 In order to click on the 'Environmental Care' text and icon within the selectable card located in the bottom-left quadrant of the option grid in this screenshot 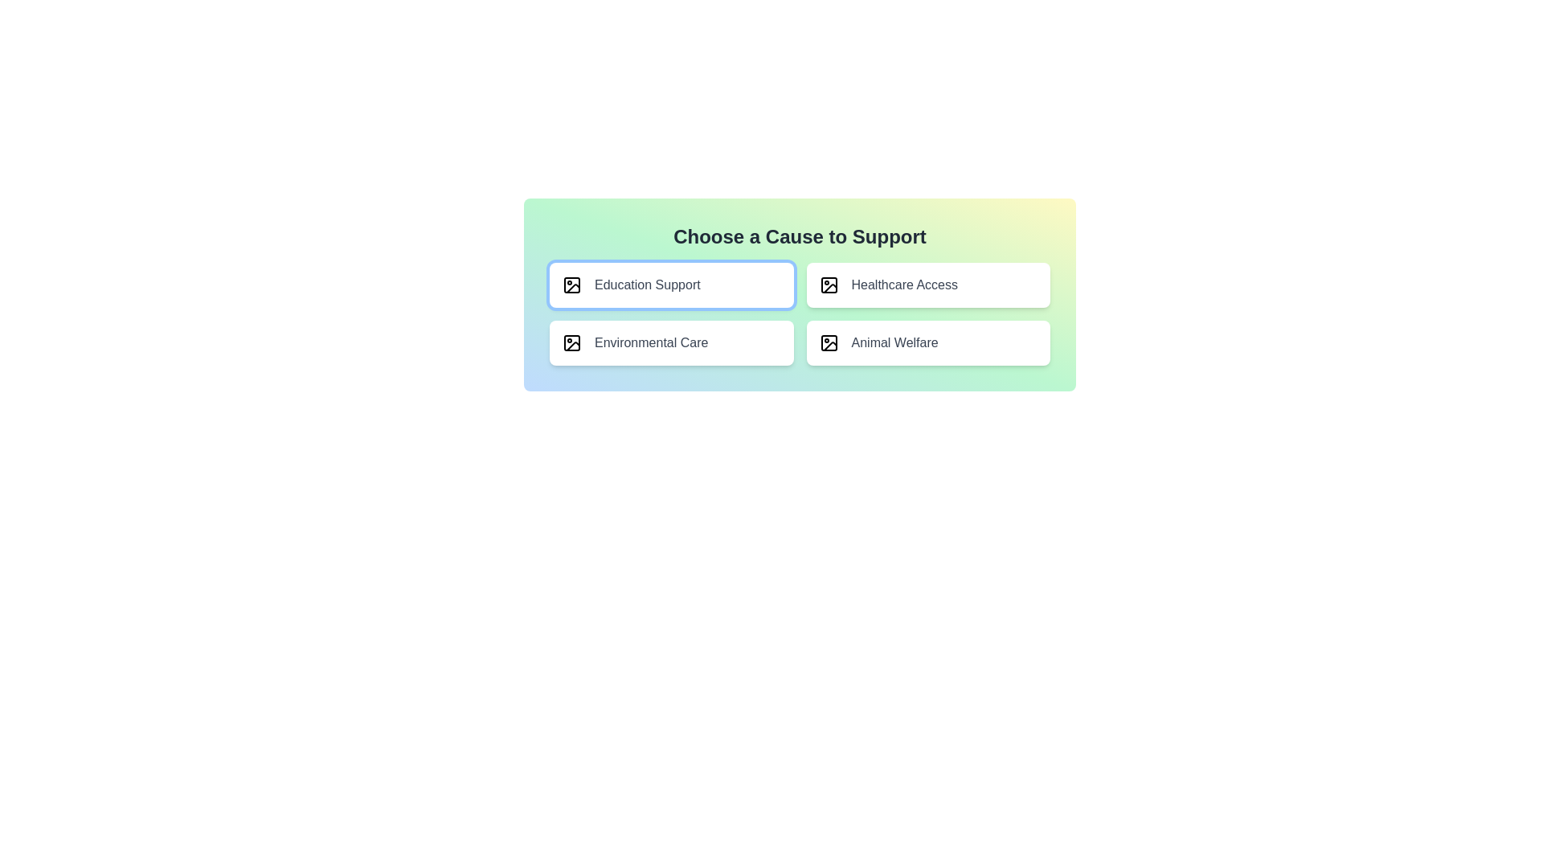, I will do `click(634, 342)`.